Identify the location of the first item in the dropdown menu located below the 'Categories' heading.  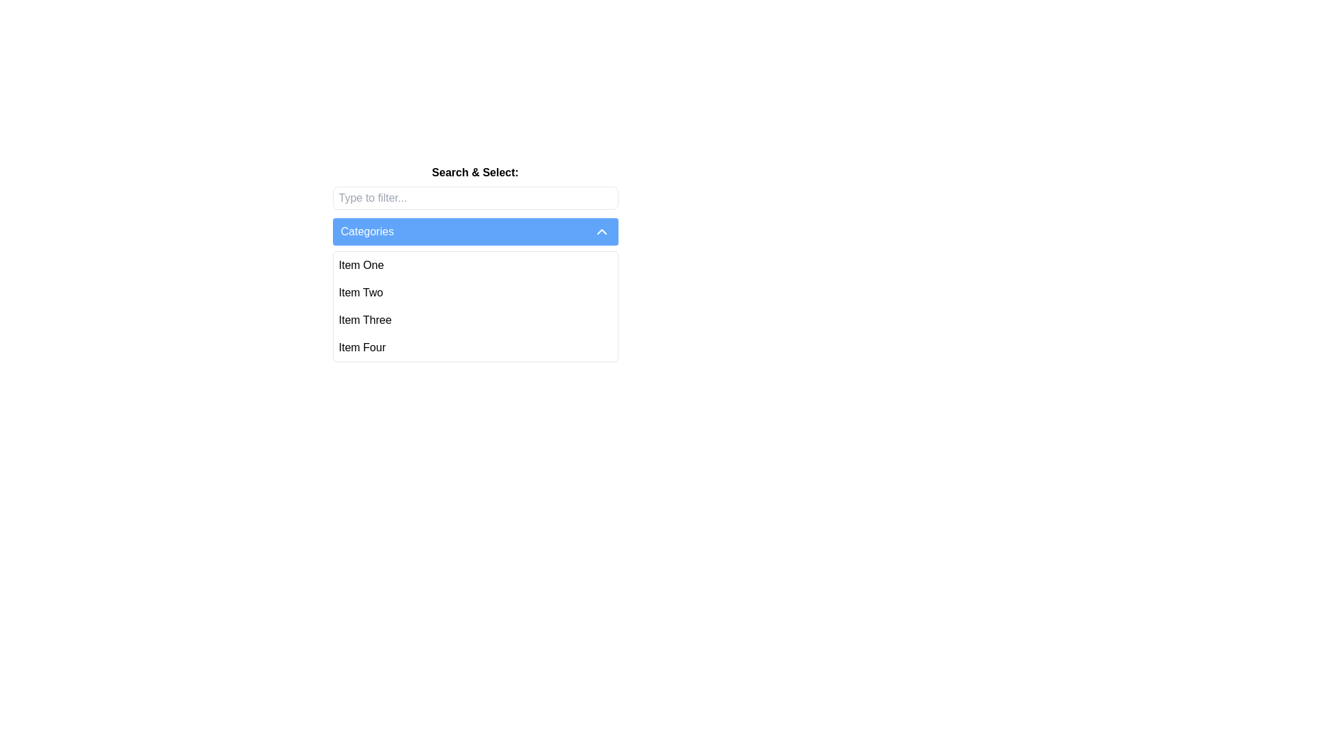
(361, 265).